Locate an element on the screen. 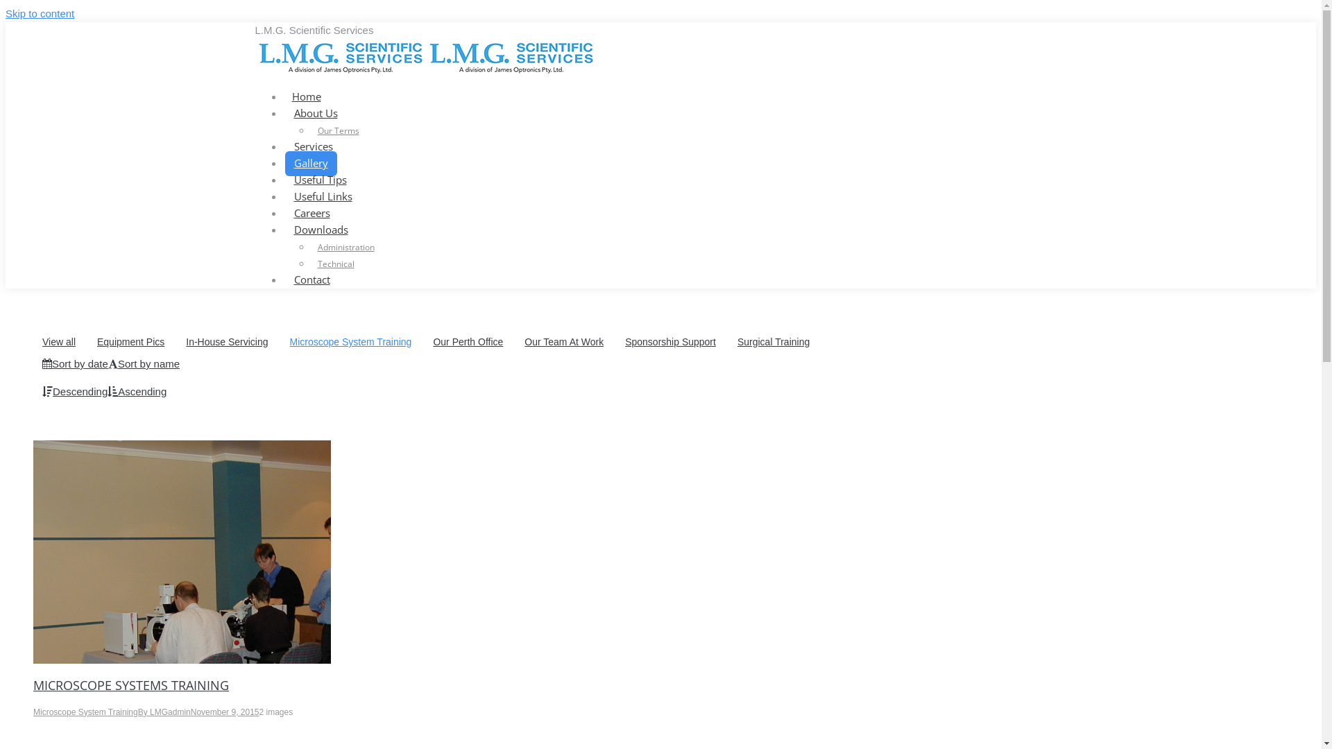 The image size is (1332, 749). 'Useful Links' is located at coordinates (322, 197).